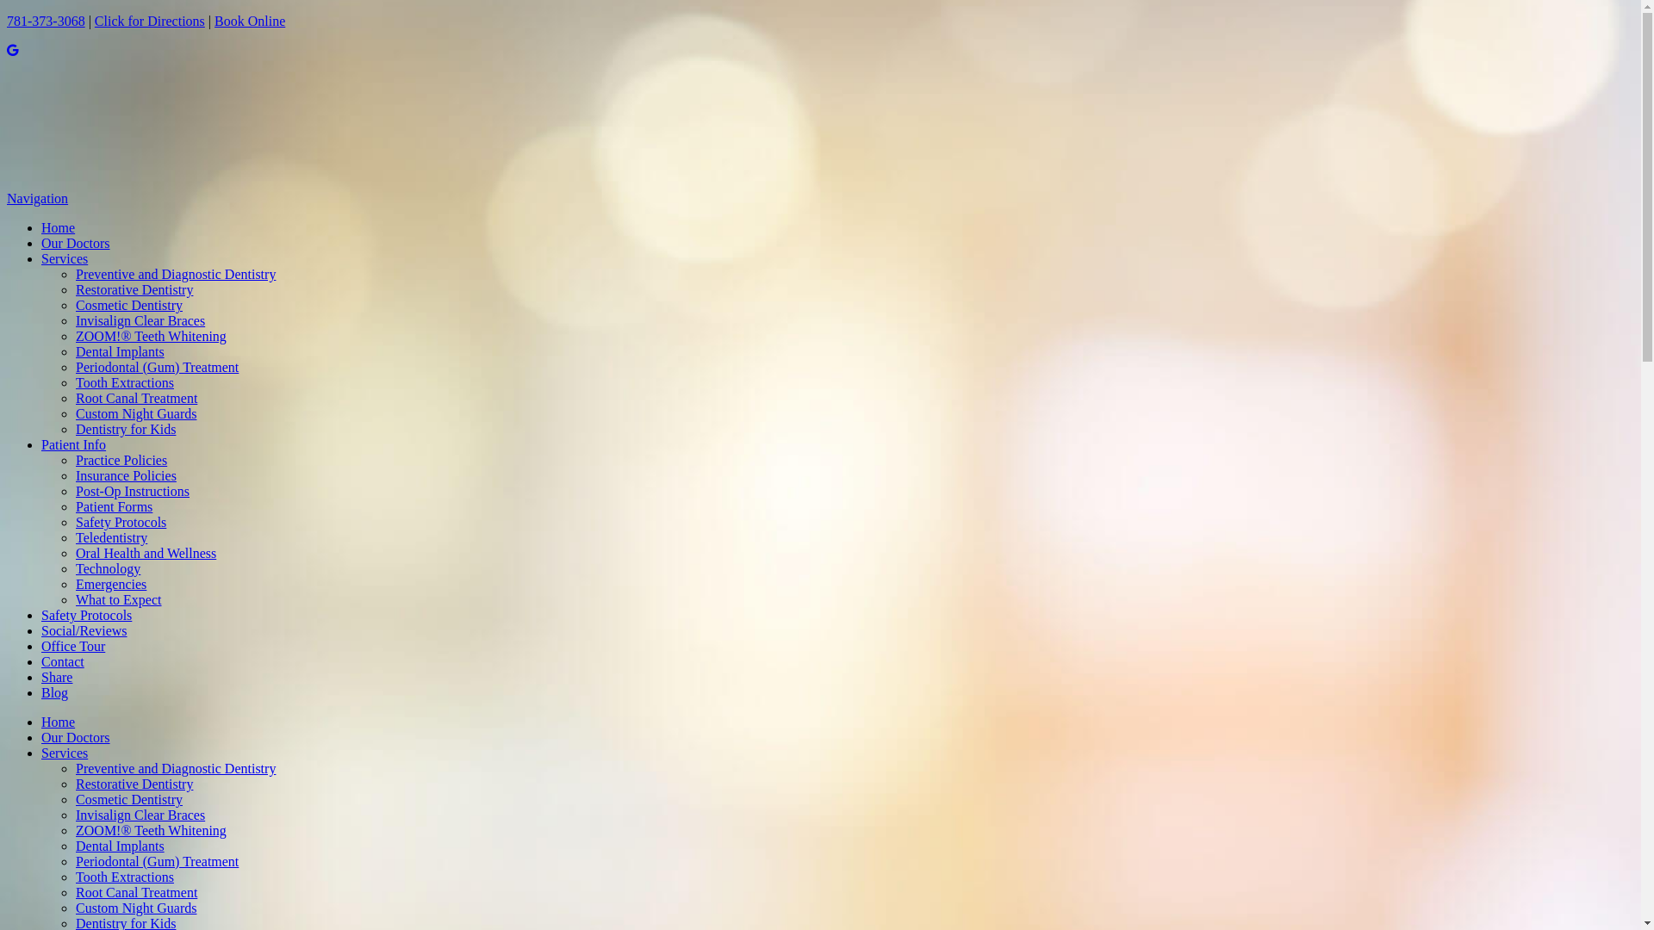 The image size is (1654, 930). I want to click on 'Periodontal (Gum) Treatment', so click(157, 861).